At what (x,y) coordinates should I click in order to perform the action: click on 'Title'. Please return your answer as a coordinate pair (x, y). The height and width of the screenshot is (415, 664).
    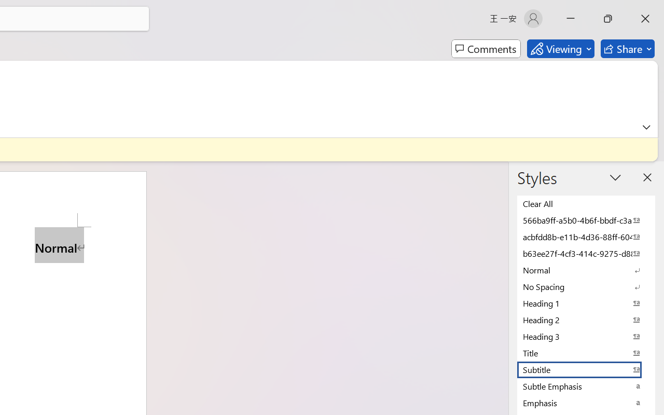
    Looking at the image, I should click on (586, 353).